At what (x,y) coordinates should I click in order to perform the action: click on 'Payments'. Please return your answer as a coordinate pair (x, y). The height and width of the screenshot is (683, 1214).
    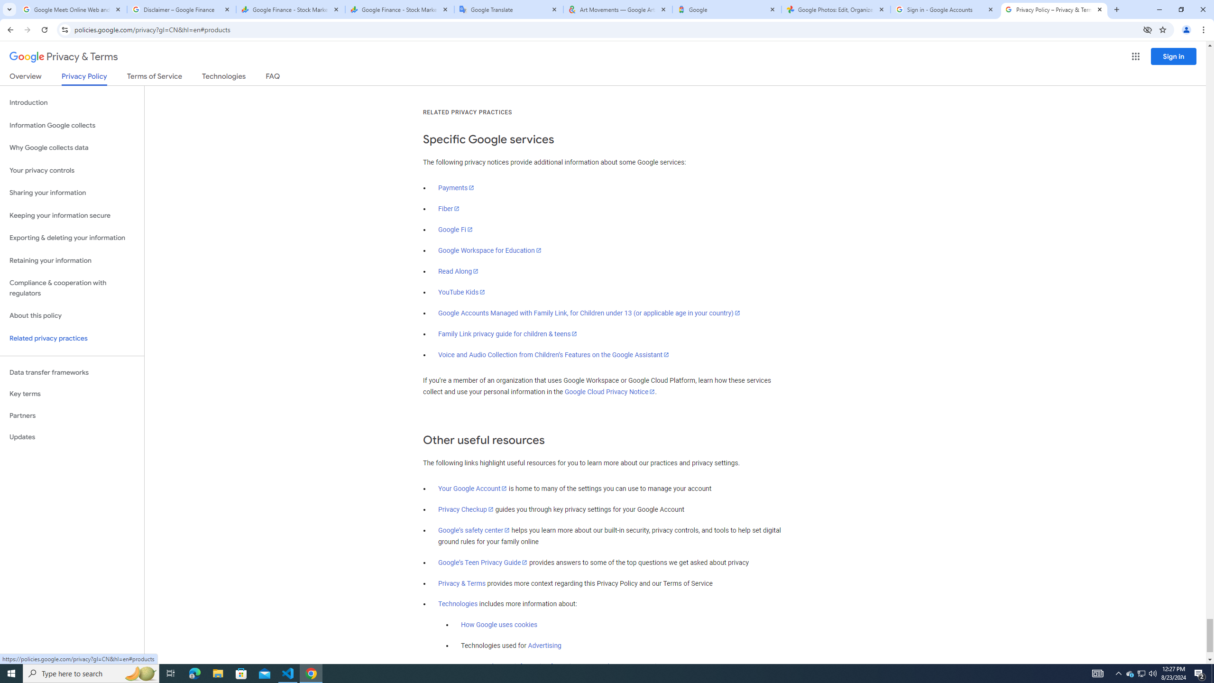
    Looking at the image, I should click on (456, 187).